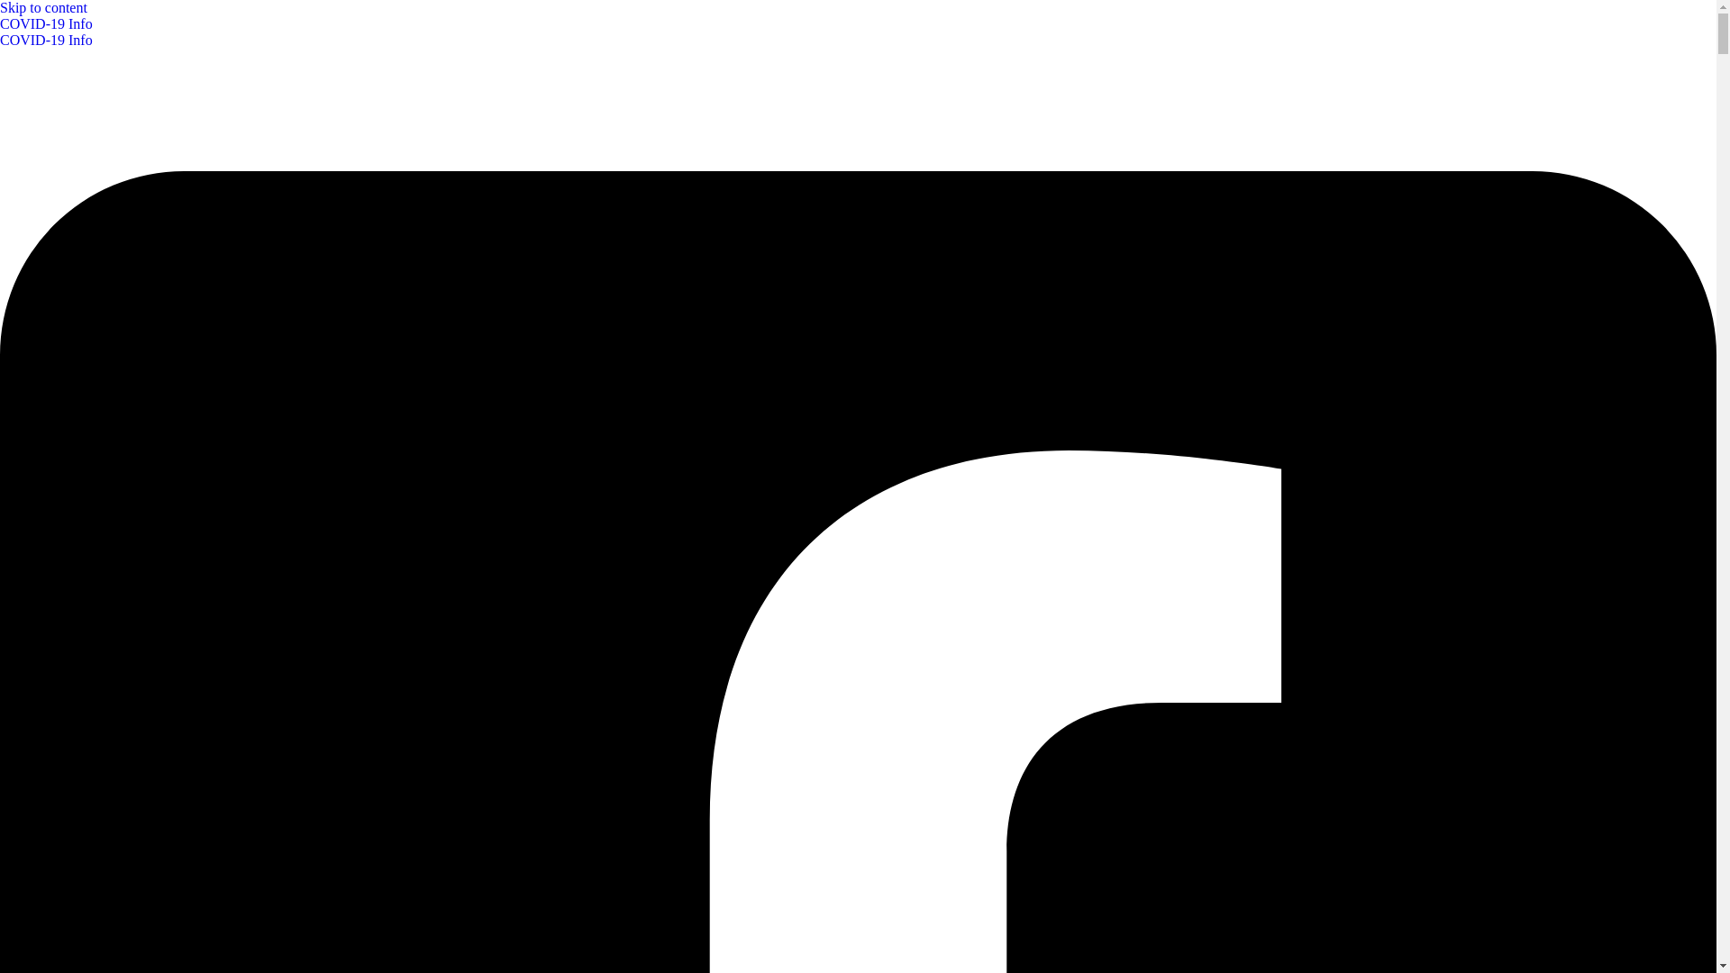  I want to click on 'COVID-19 Info', so click(46, 40).